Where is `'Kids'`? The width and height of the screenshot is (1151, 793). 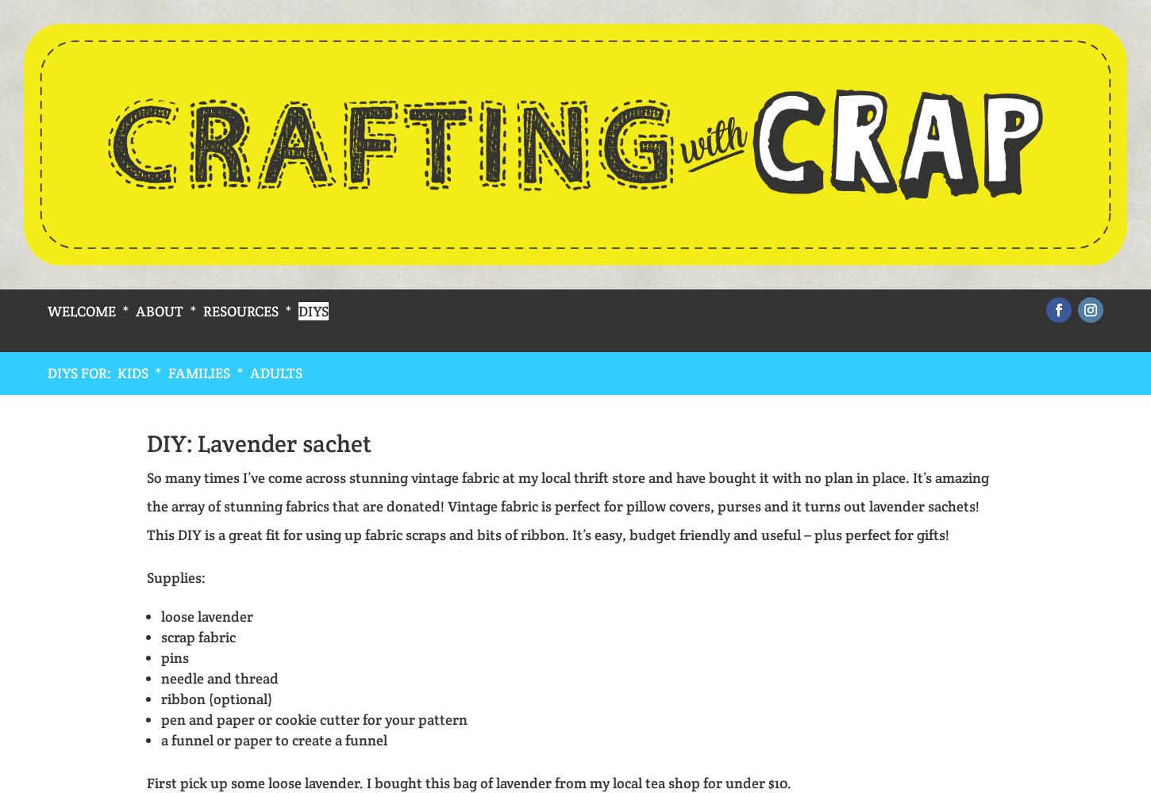 'Kids' is located at coordinates (117, 371).